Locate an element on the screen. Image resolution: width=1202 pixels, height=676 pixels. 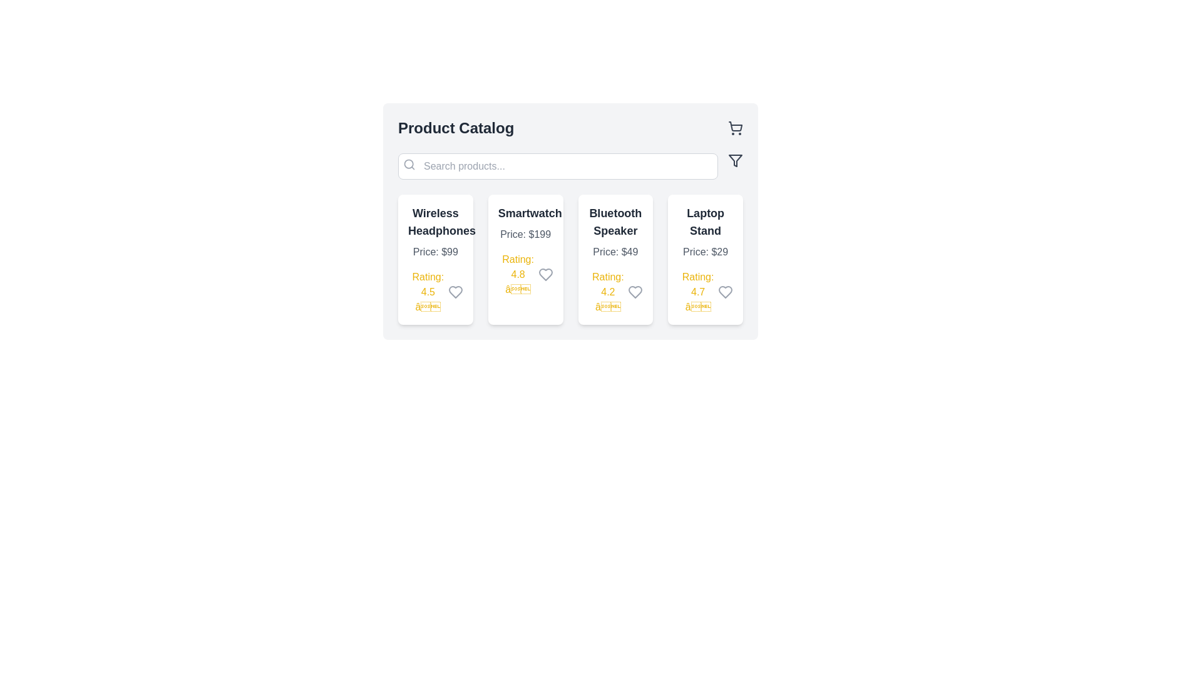
the interactive heart icon button located is located at coordinates (725, 292).